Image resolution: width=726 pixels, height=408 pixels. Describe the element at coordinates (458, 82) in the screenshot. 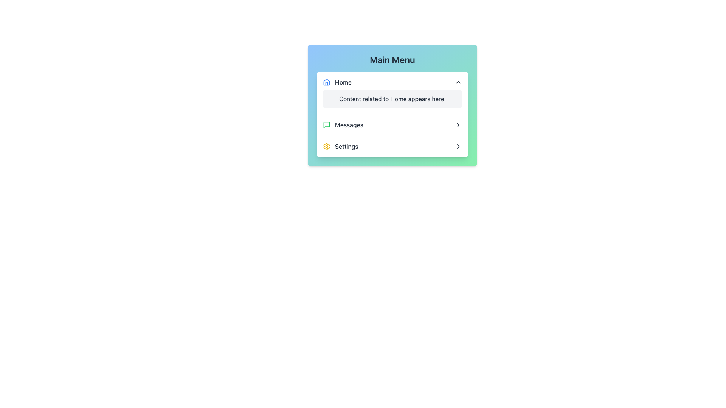

I see `the upward-pointing chevron-shaped icon located to the far right of the 'Home' row` at that location.